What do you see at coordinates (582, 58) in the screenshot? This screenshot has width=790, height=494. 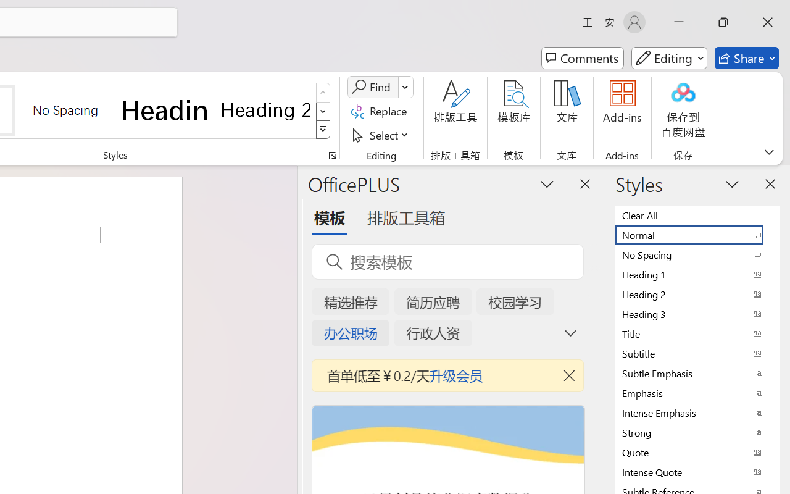 I see `'Comments'` at bounding box center [582, 58].